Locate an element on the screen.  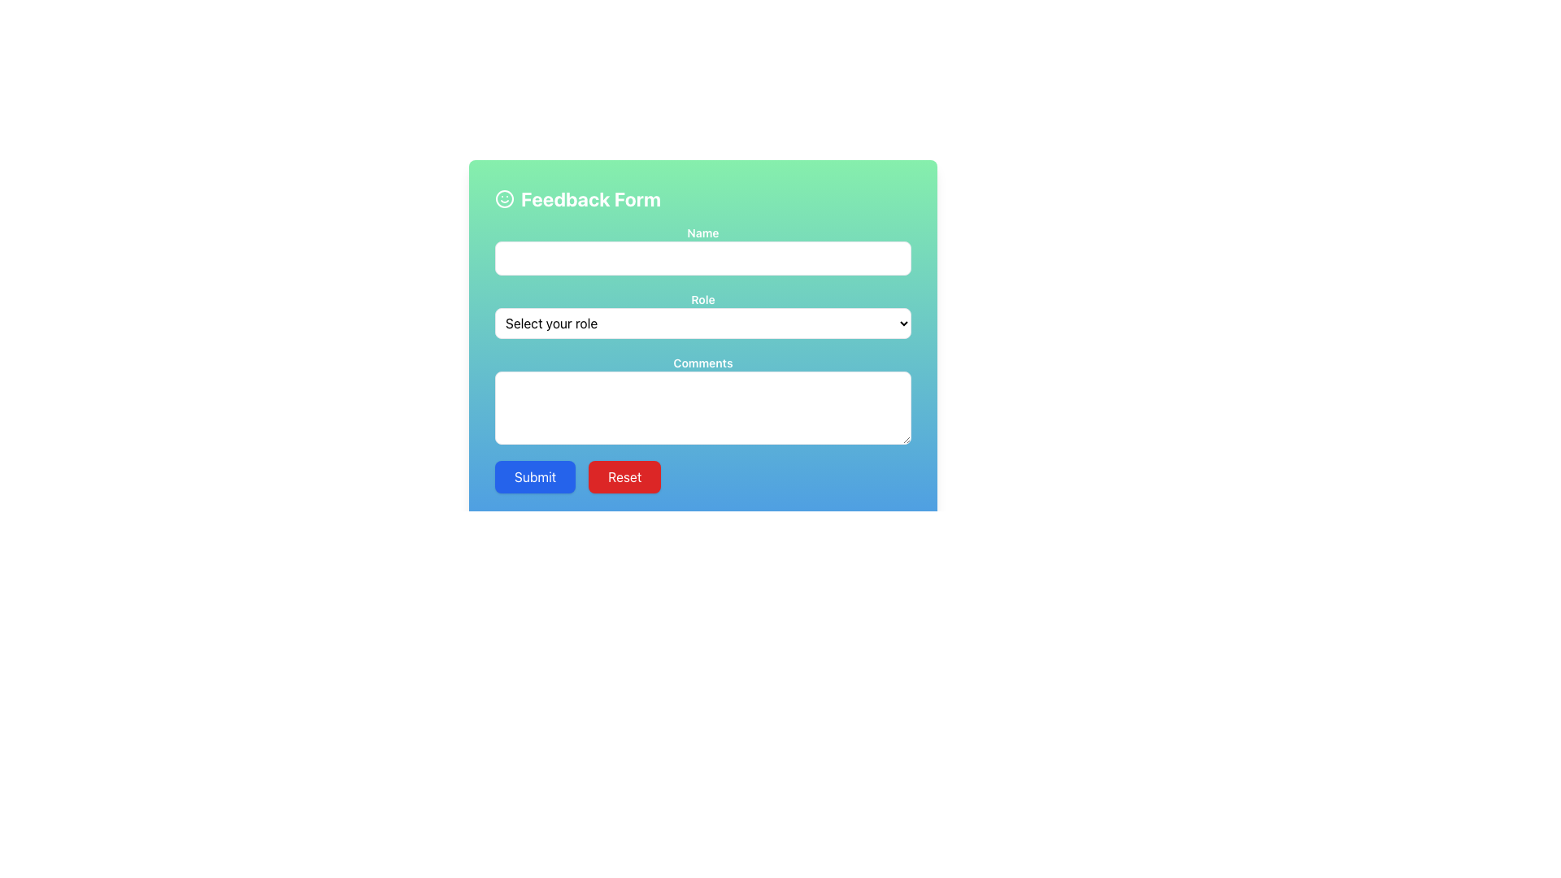
the reset button located to the right of the blue 'Submit' button to observe the hover effect is located at coordinates (624, 476).